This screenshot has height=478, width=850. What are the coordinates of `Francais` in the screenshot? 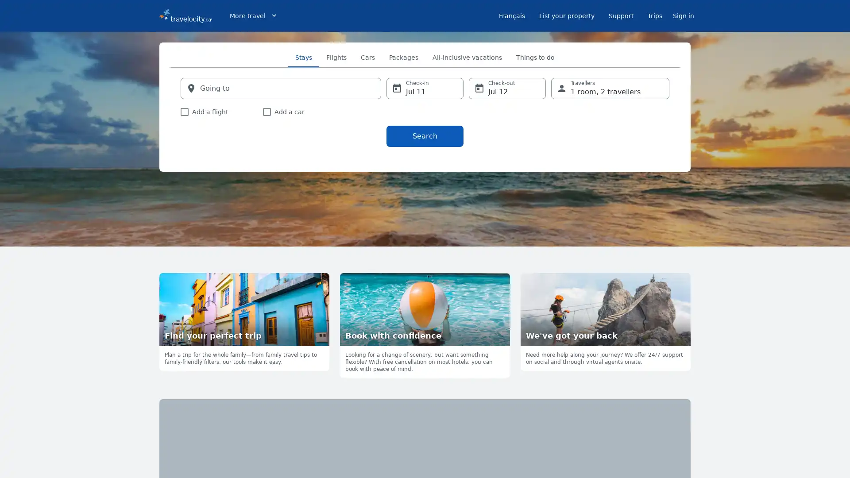 It's located at (512, 15).